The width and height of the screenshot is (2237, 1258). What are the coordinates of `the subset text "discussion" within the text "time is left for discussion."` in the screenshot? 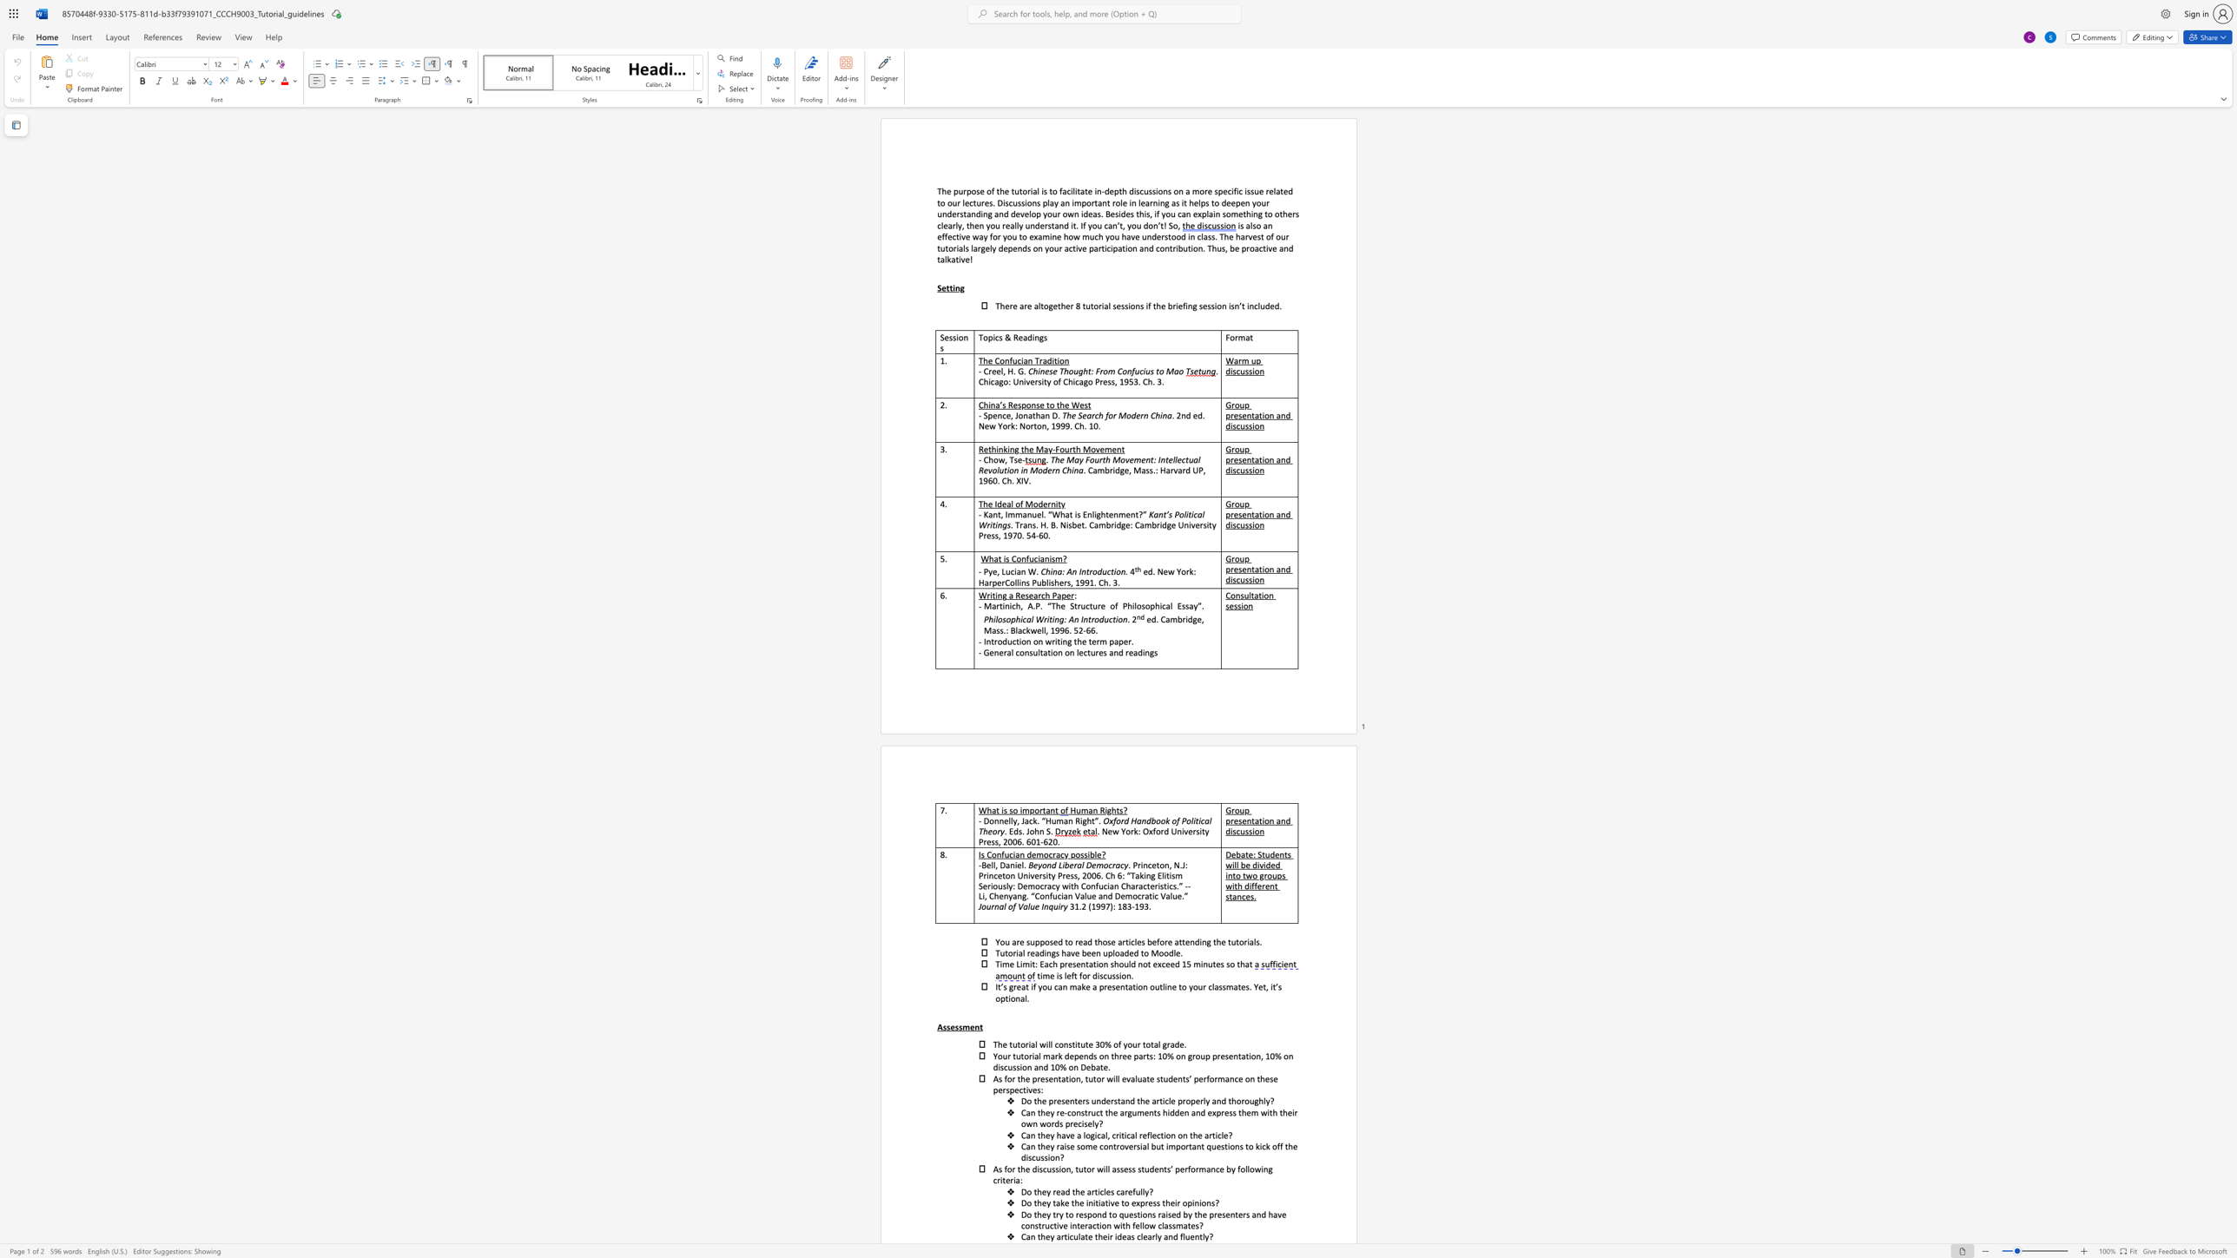 It's located at (1092, 976).